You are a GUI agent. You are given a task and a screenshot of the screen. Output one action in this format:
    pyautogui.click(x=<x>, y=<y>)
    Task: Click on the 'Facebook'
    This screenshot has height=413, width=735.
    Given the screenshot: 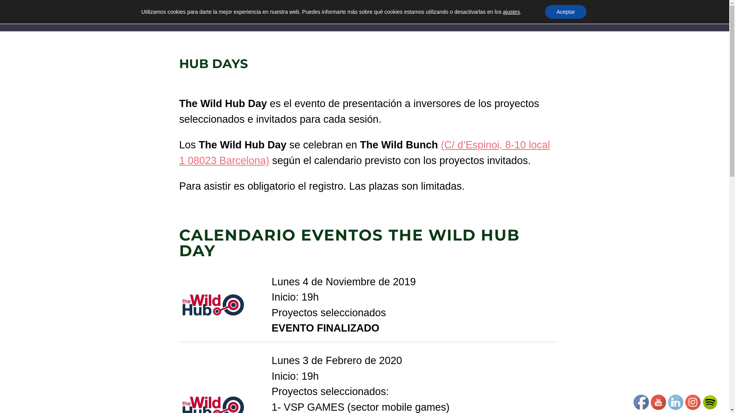 What is the action you would take?
    pyautogui.click(x=641, y=402)
    